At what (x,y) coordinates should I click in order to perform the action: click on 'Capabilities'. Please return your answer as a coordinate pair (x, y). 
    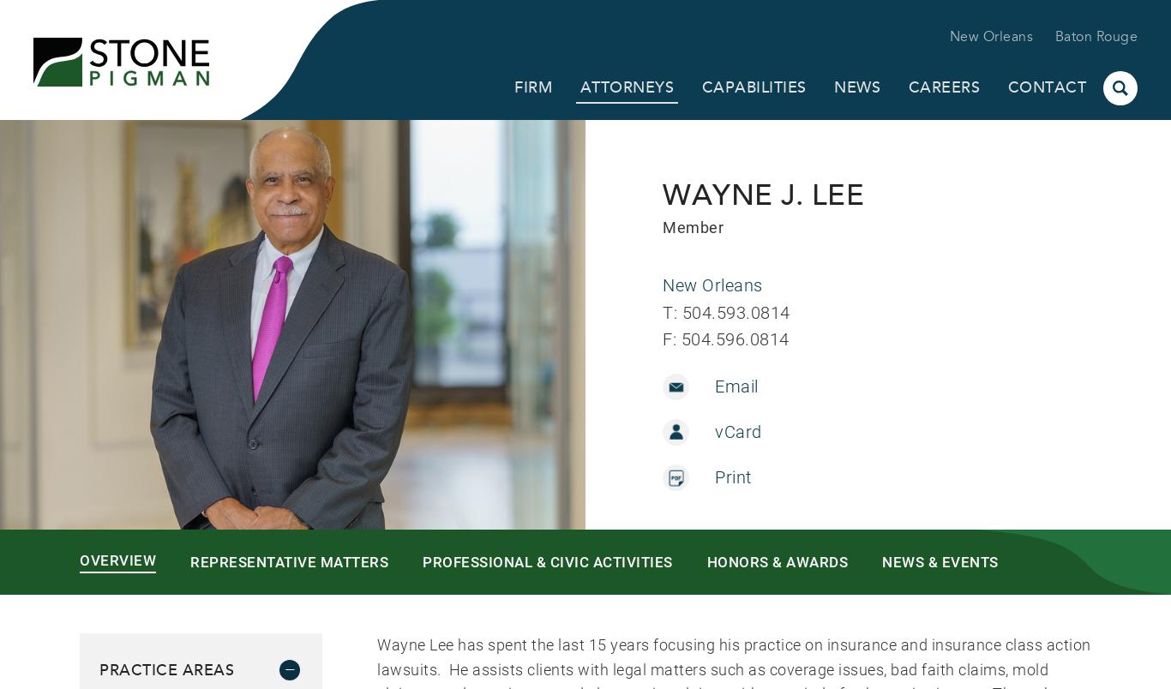
    Looking at the image, I should click on (753, 87).